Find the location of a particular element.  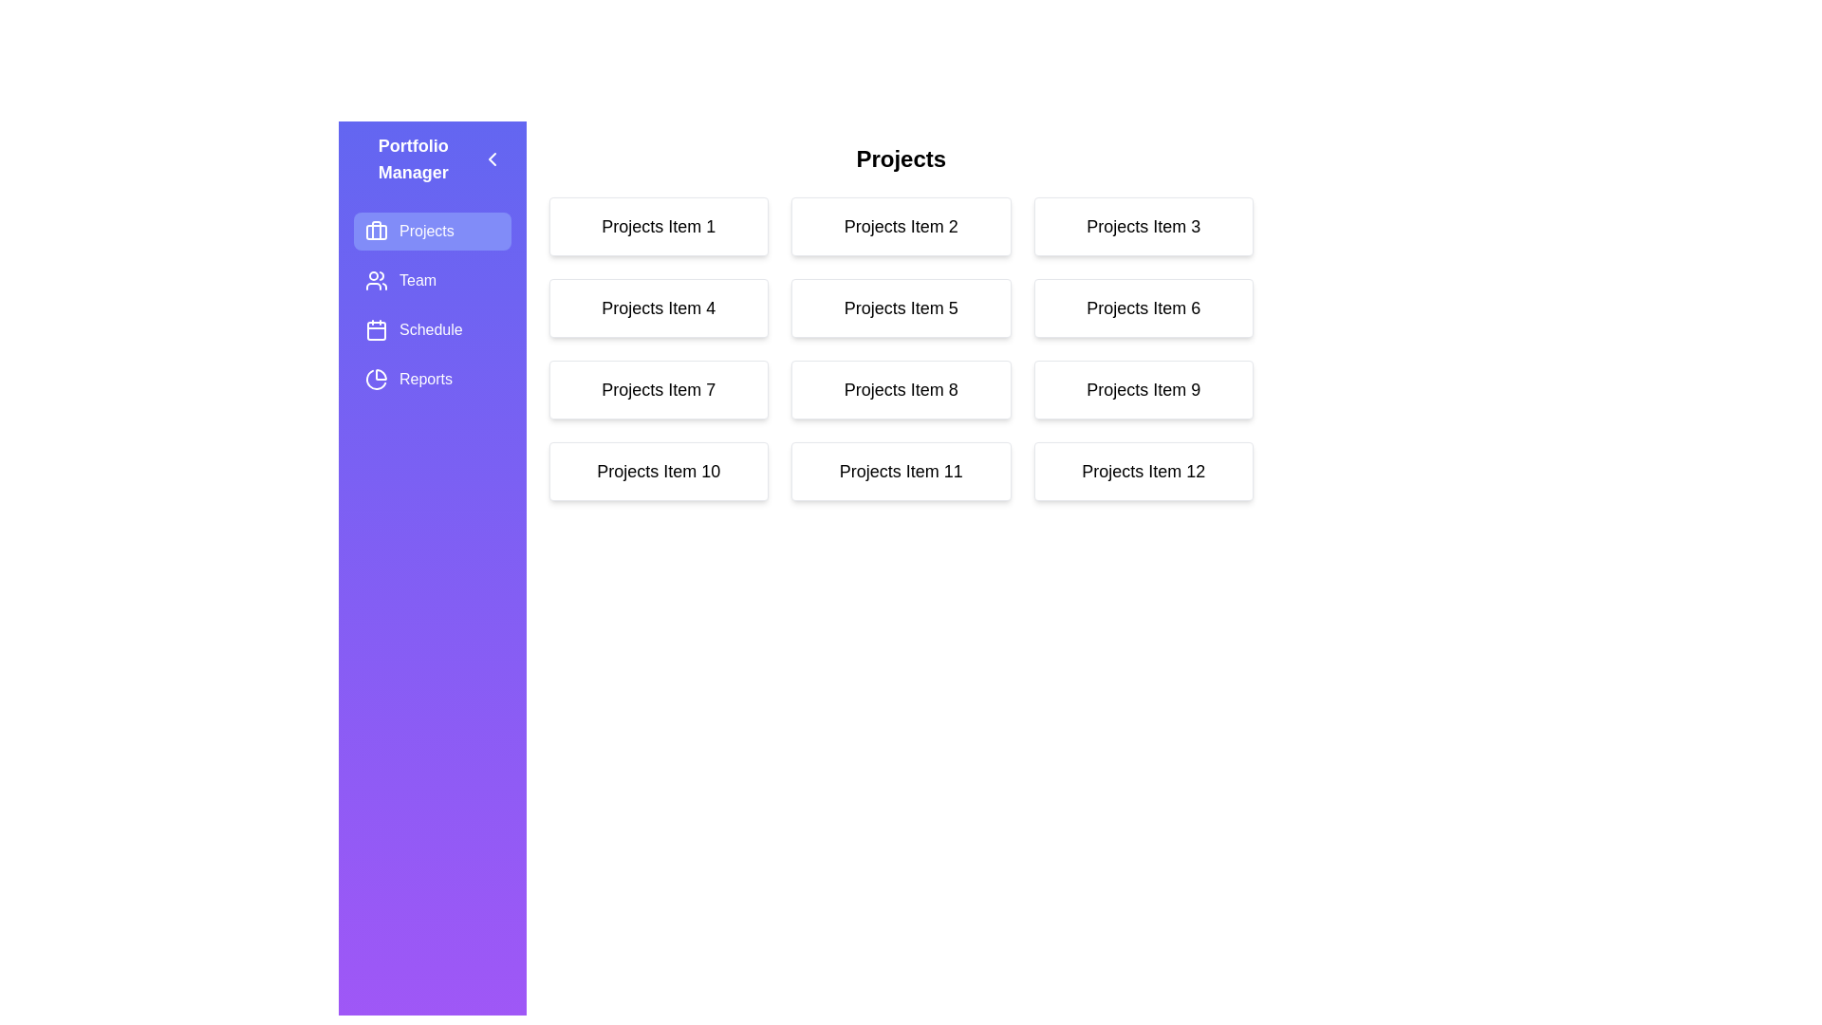

the sidebar module Reports to navigate to it is located at coordinates (431, 380).